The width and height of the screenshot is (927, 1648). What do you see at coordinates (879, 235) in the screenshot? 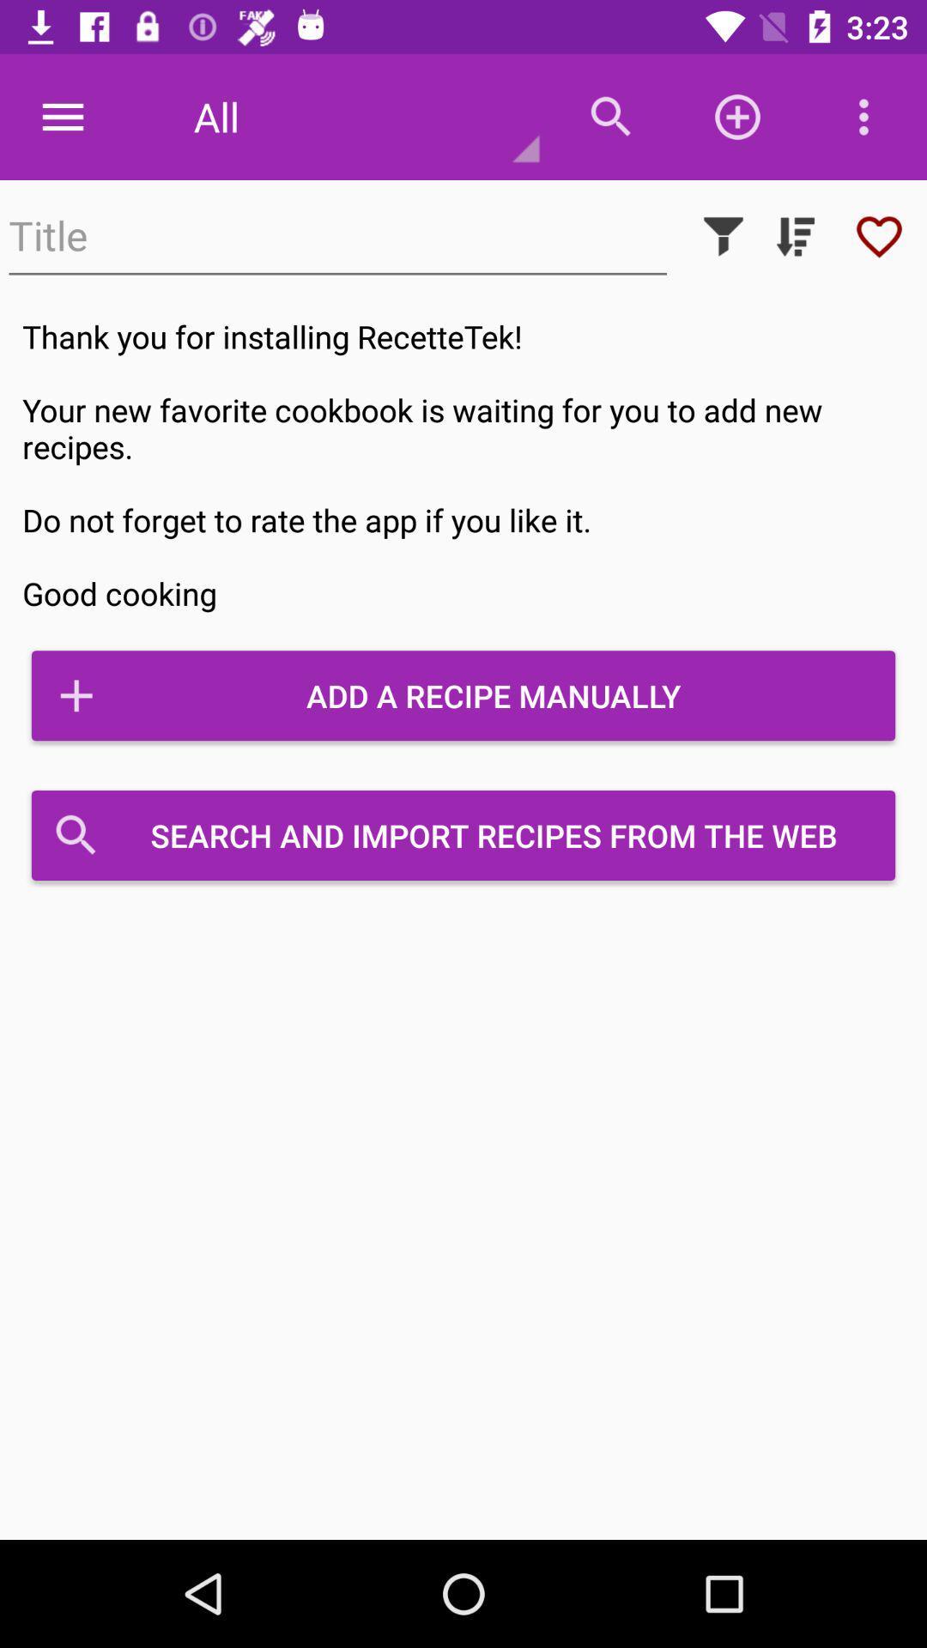
I see `like it` at bounding box center [879, 235].